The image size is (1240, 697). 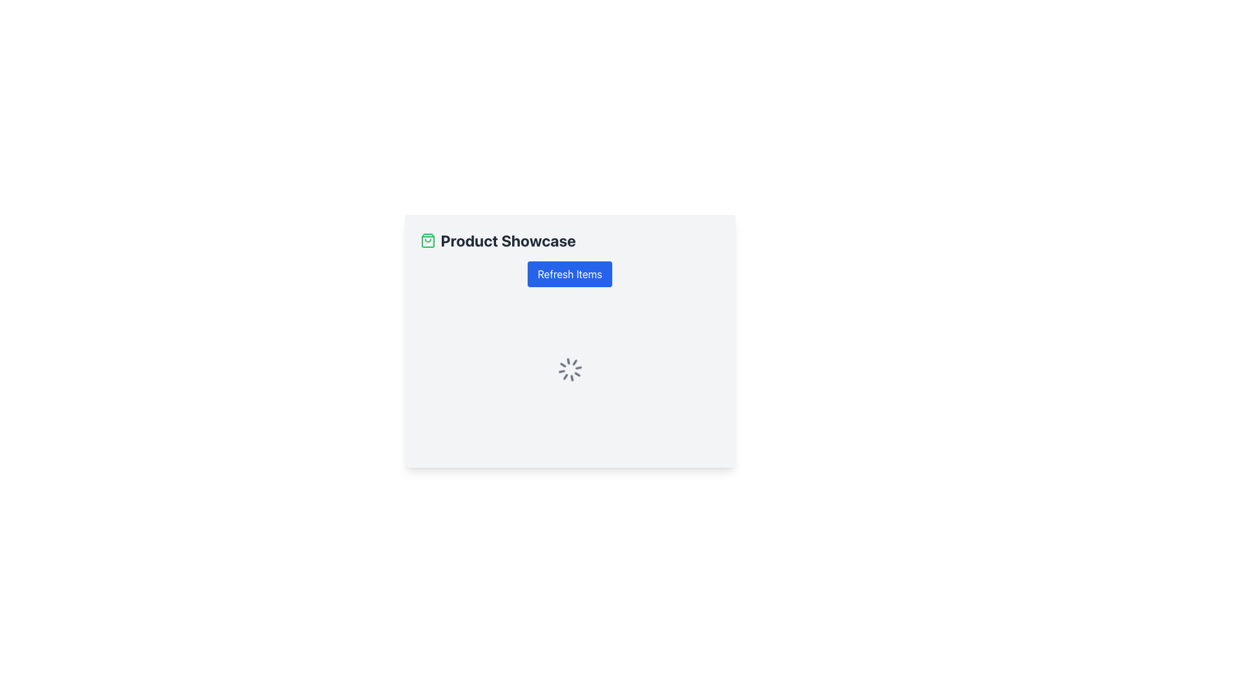 I want to click on the loading spinner located centrally below the 'Refresh Items' button in the 'Product Showcase' box, so click(x=569, y=370).